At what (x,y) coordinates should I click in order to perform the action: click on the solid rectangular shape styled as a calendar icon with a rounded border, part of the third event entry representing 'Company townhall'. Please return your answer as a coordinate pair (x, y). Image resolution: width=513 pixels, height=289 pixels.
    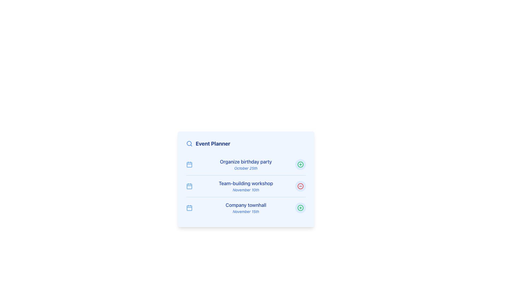
    Looking at the image, I should click on (189, 208).